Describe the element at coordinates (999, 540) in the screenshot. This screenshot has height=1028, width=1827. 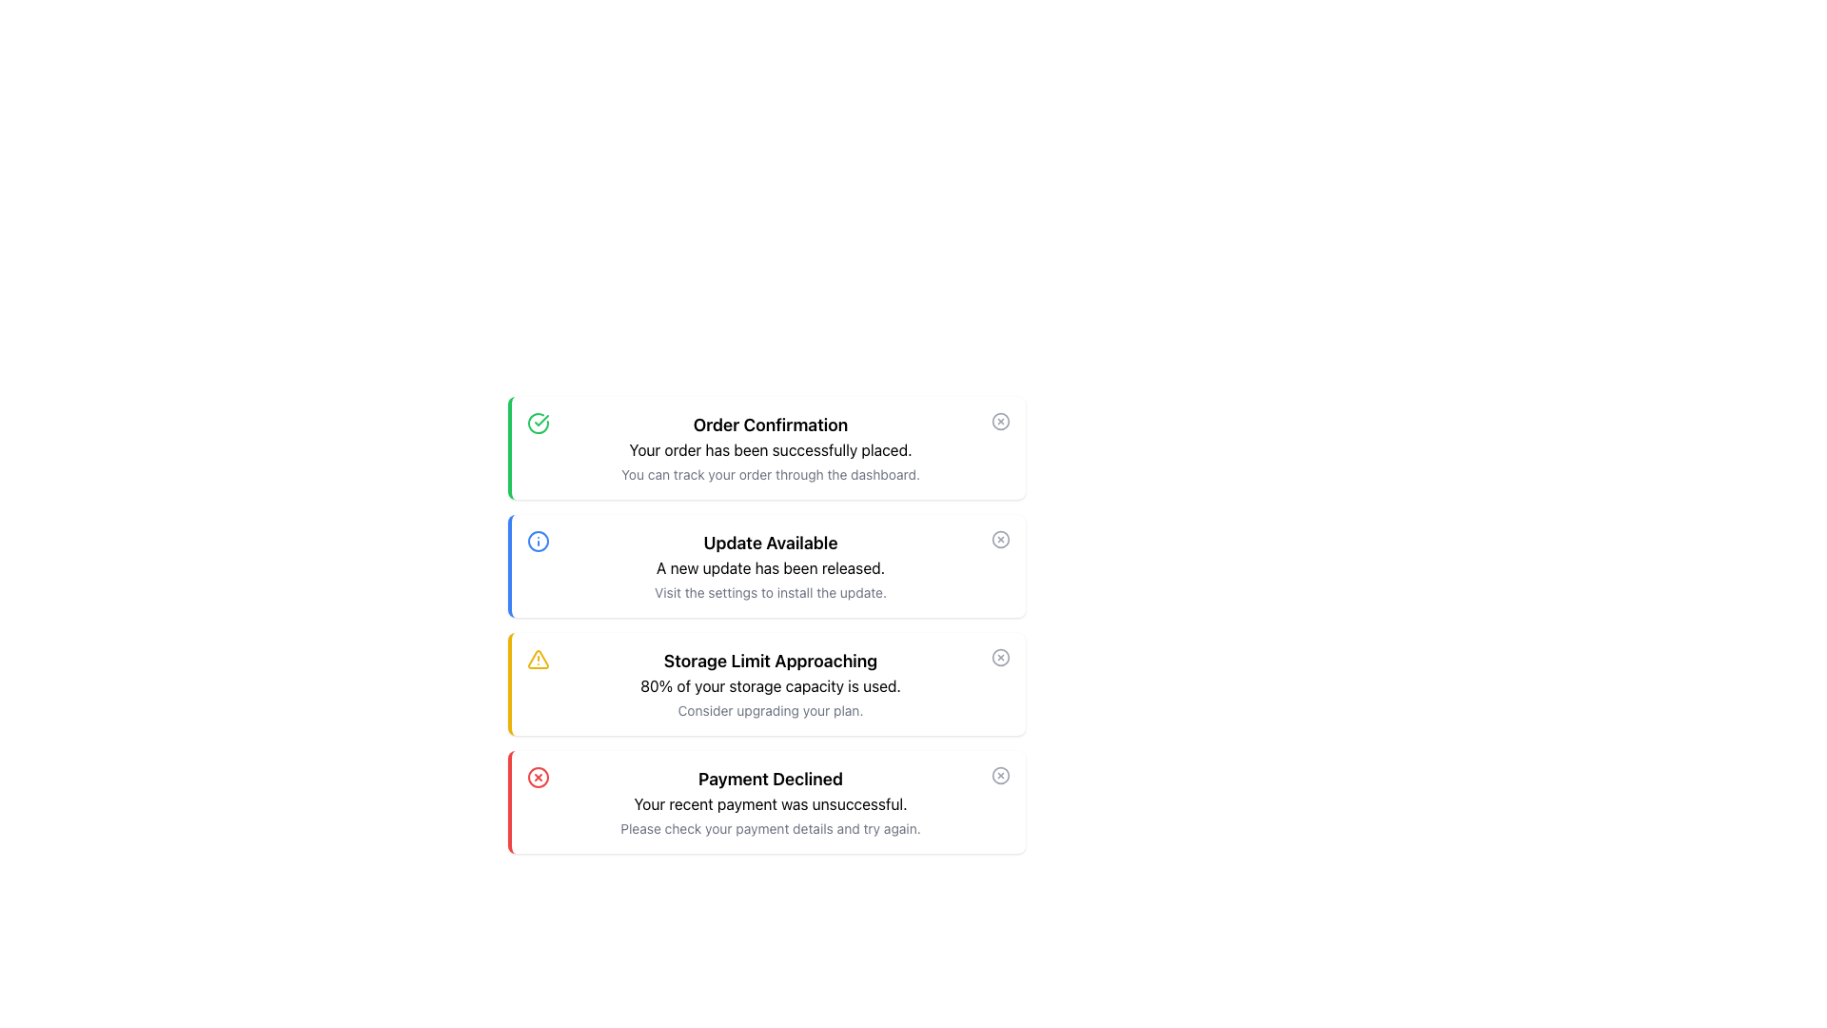
I see `the circular SVG element that is part of the 'Update Available' notification, positioned on the right side, which resembles a close or dismiss button` at that location.